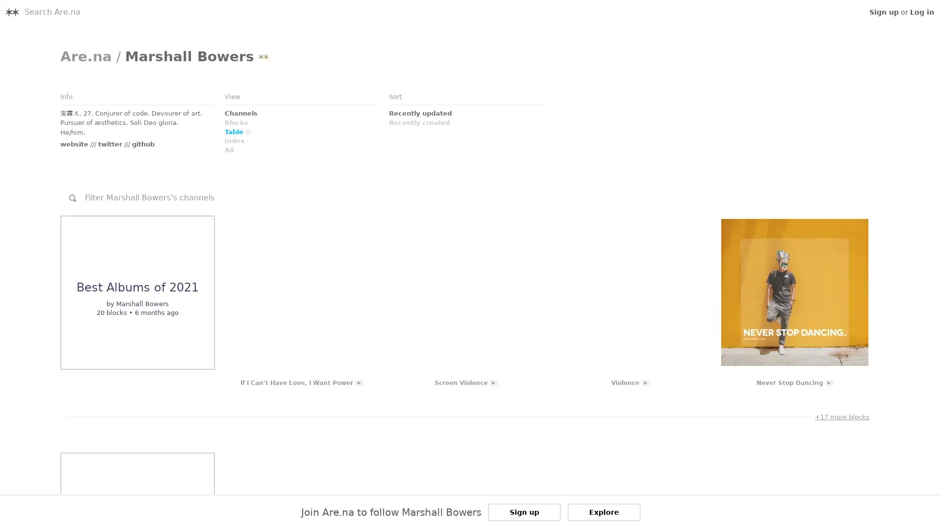  Describe the element at coordinates (630, 291) in the screenshot. I see `Link to Embed: Violence` at that location.